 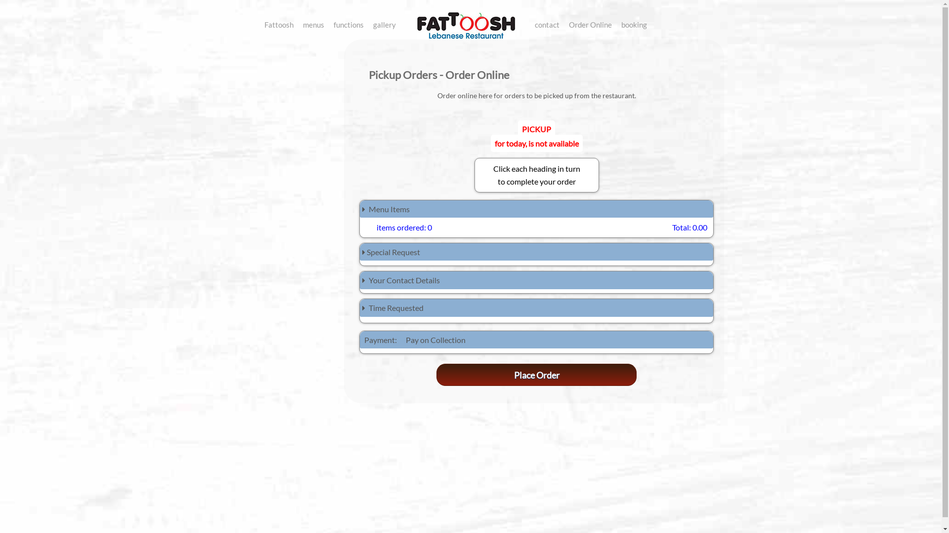 I want to click on 'booking', so click(x=634, y=22).